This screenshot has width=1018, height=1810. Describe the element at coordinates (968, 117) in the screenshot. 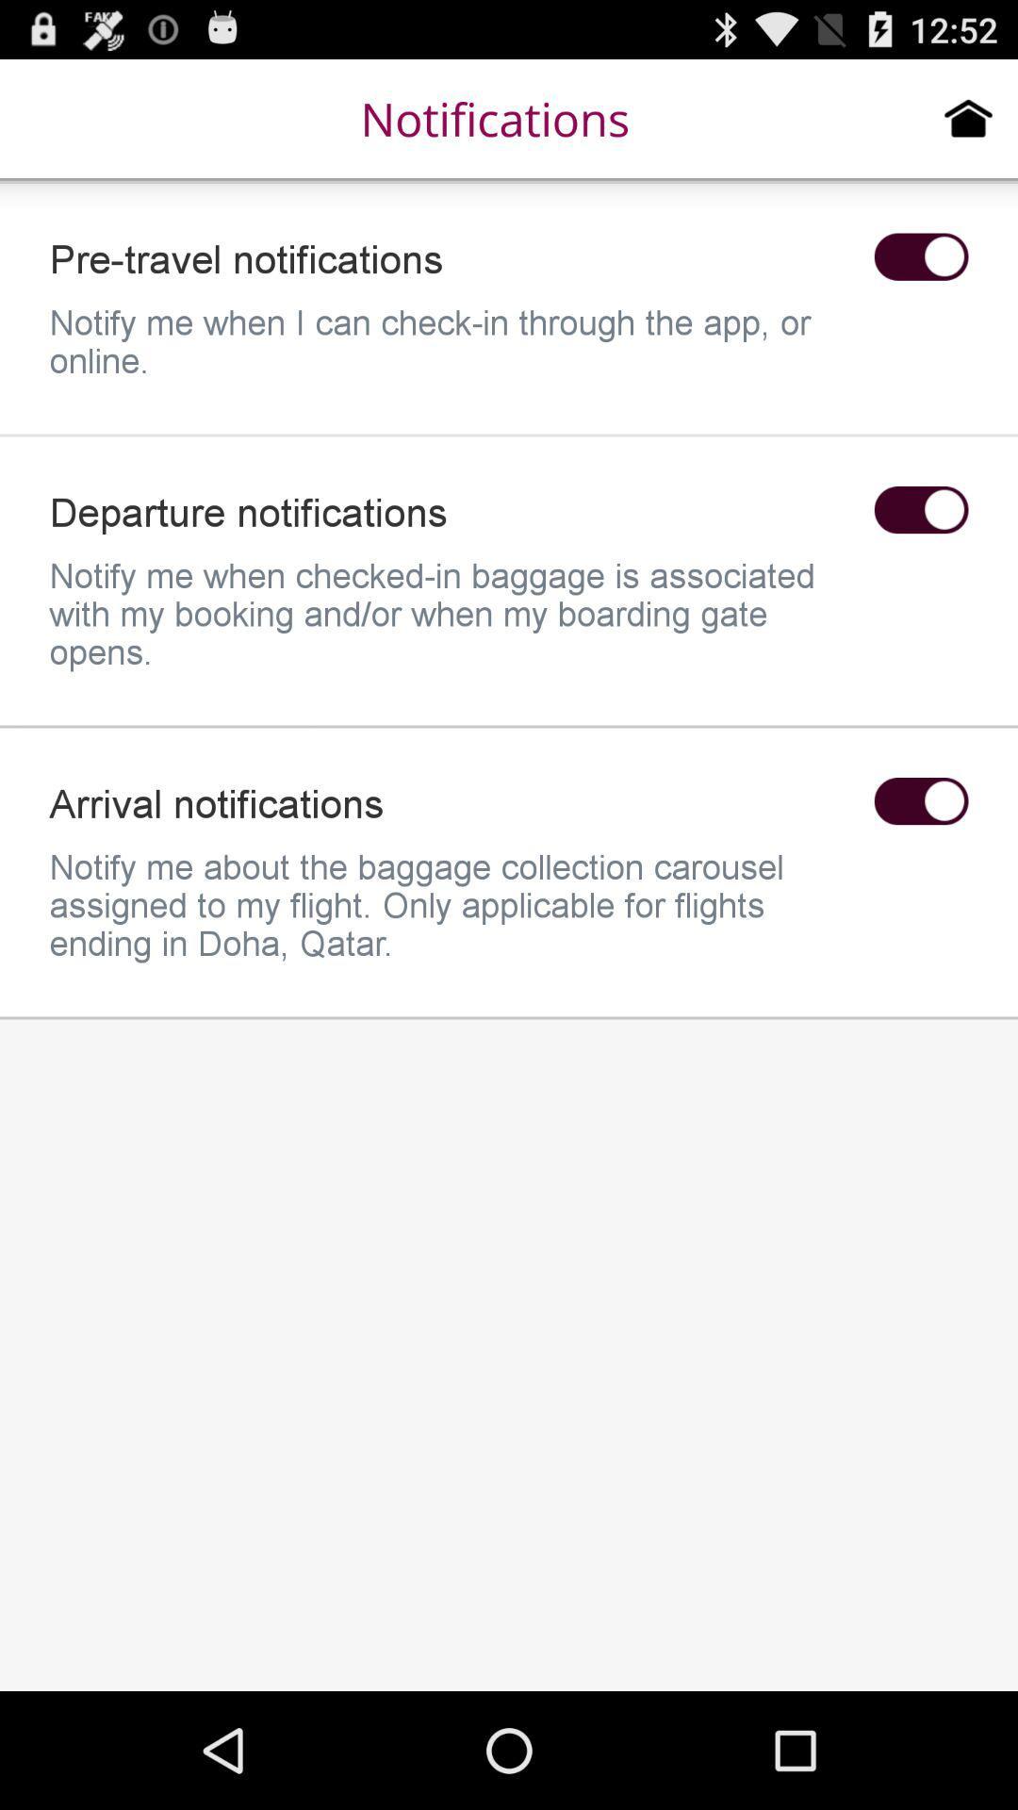

I see `home` at that location.